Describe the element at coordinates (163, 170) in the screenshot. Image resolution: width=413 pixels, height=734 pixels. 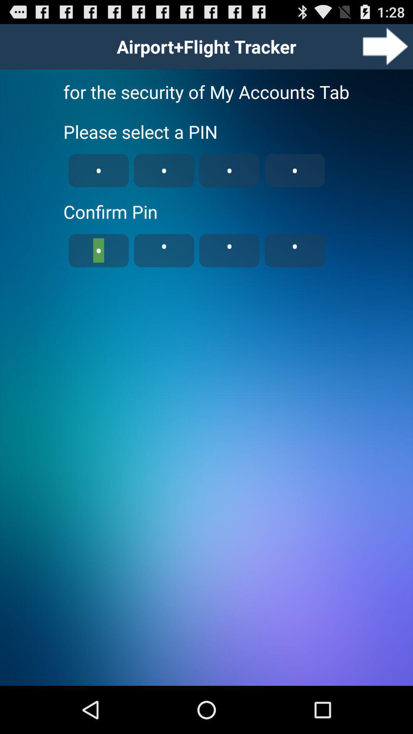
I see `the second code box below please select a pin` at that location.